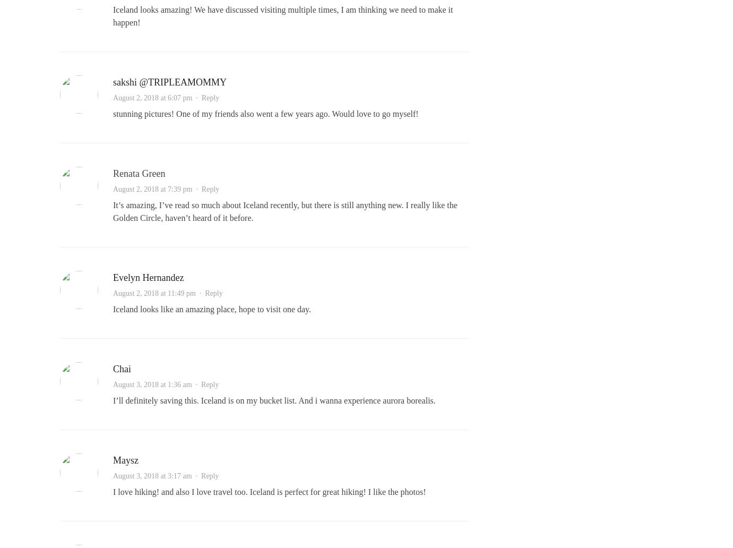  What do you see at coordinates (152, 189) in the screenshot?
I see `'August 2, 2018 at 7:39 pm'` at bounding box center [152, 189].